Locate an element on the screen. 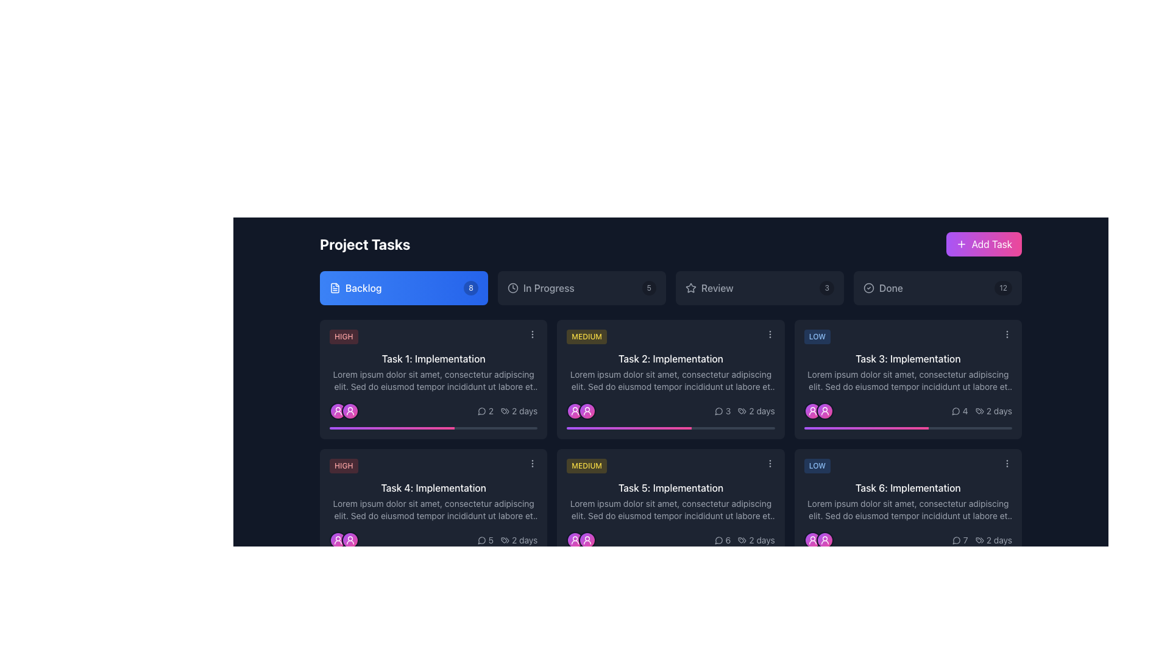 This screenshot has height=658, width=1170. the 'In Progress' status text element located to the right of the circular clock icon in the project management interface is located at coordinates (548, 288).